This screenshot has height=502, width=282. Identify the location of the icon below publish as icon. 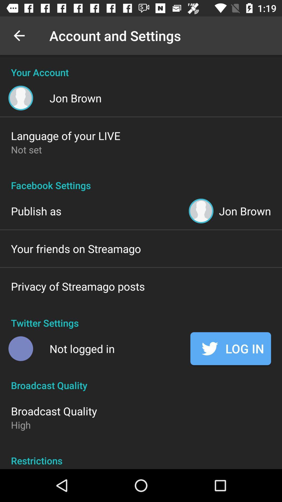
(76, 248).